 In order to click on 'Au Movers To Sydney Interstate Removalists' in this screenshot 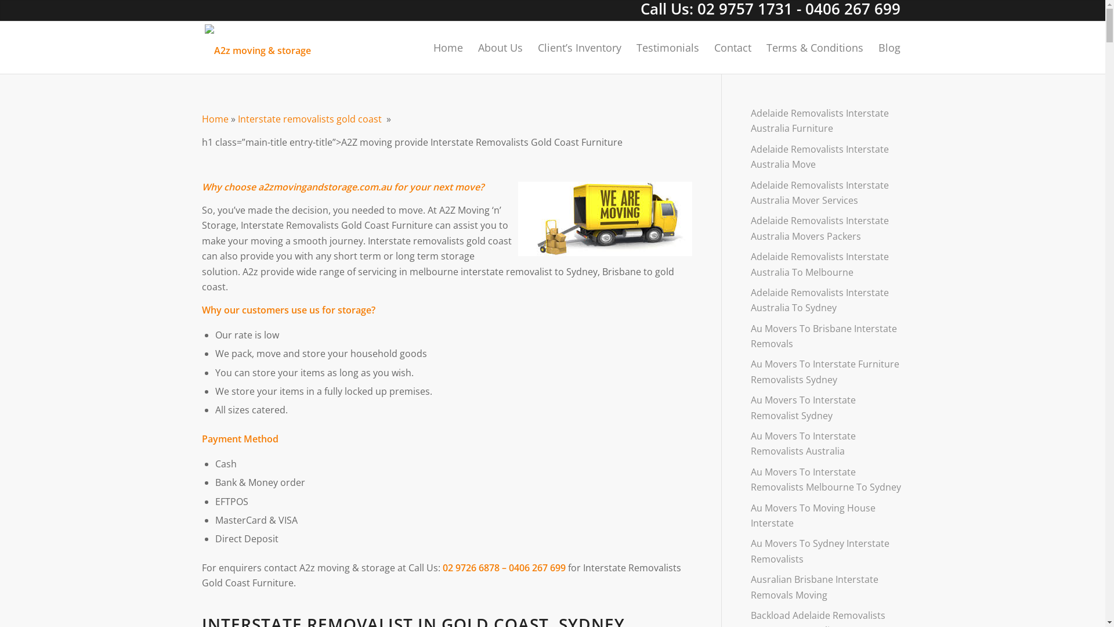, I will do `click(826, 550)`.